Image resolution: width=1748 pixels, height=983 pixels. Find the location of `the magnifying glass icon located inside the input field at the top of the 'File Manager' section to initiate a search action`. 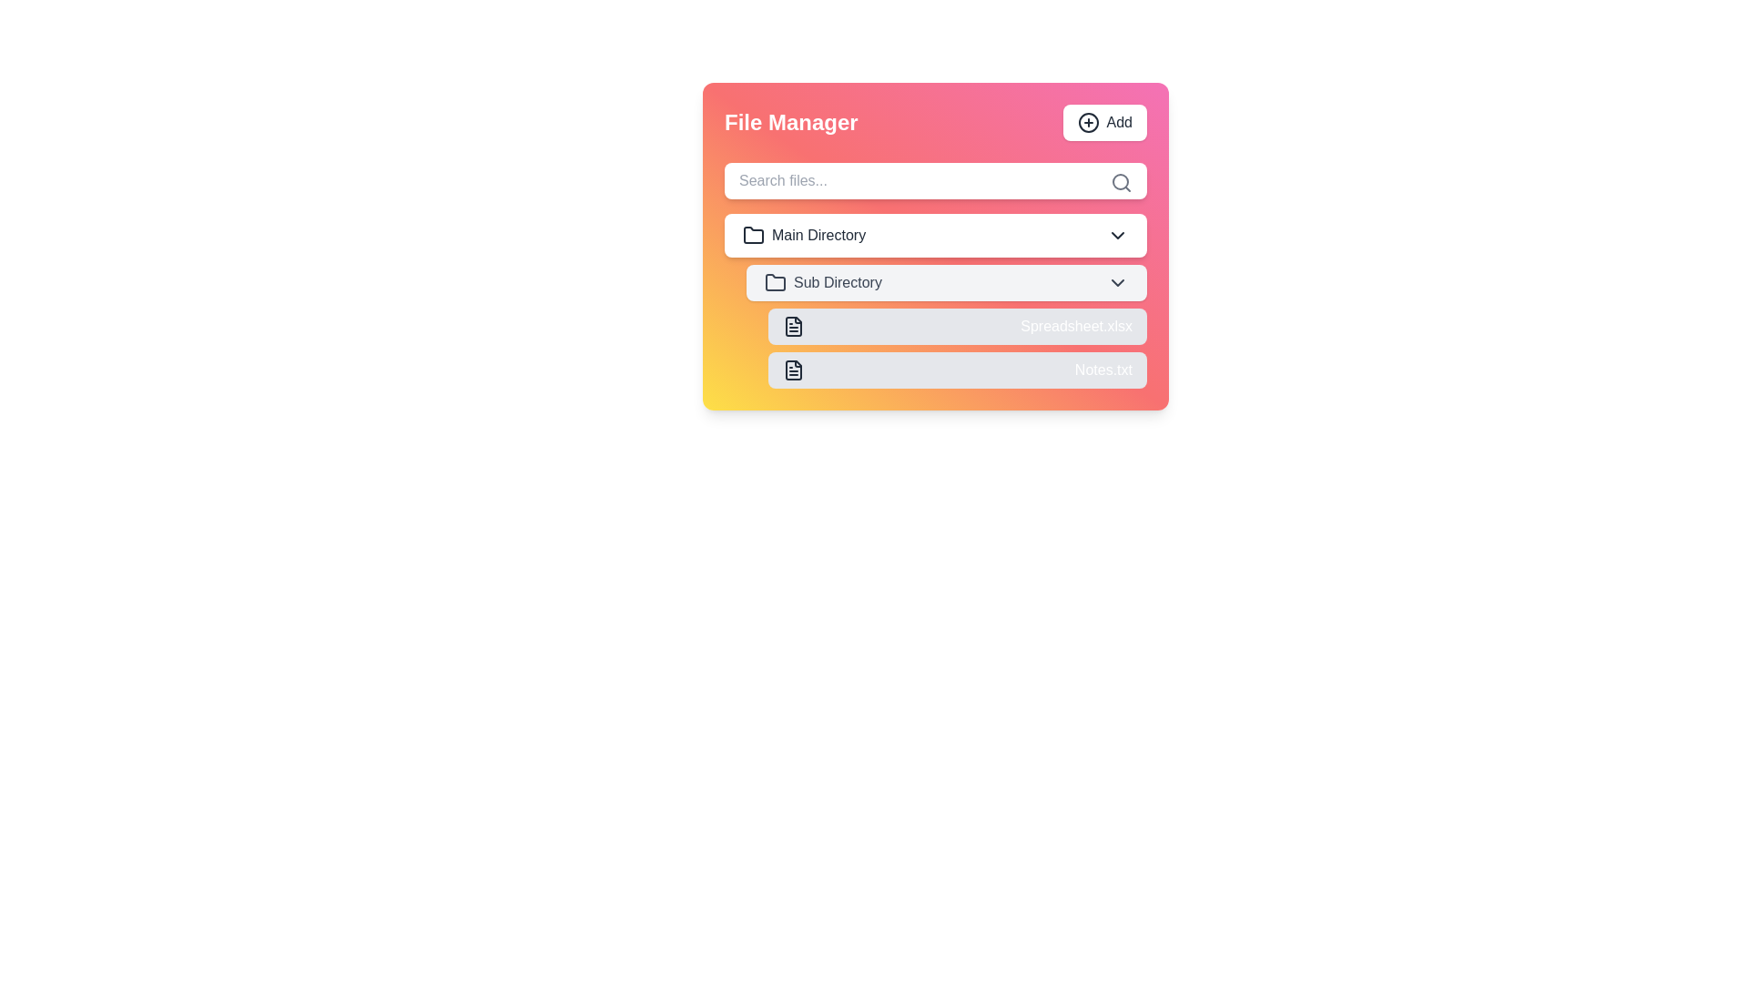

the magnifying glass icon located inside the input field at the top of the 'File Manager' section to initiate a search action is located at coordinates (1121, 182).